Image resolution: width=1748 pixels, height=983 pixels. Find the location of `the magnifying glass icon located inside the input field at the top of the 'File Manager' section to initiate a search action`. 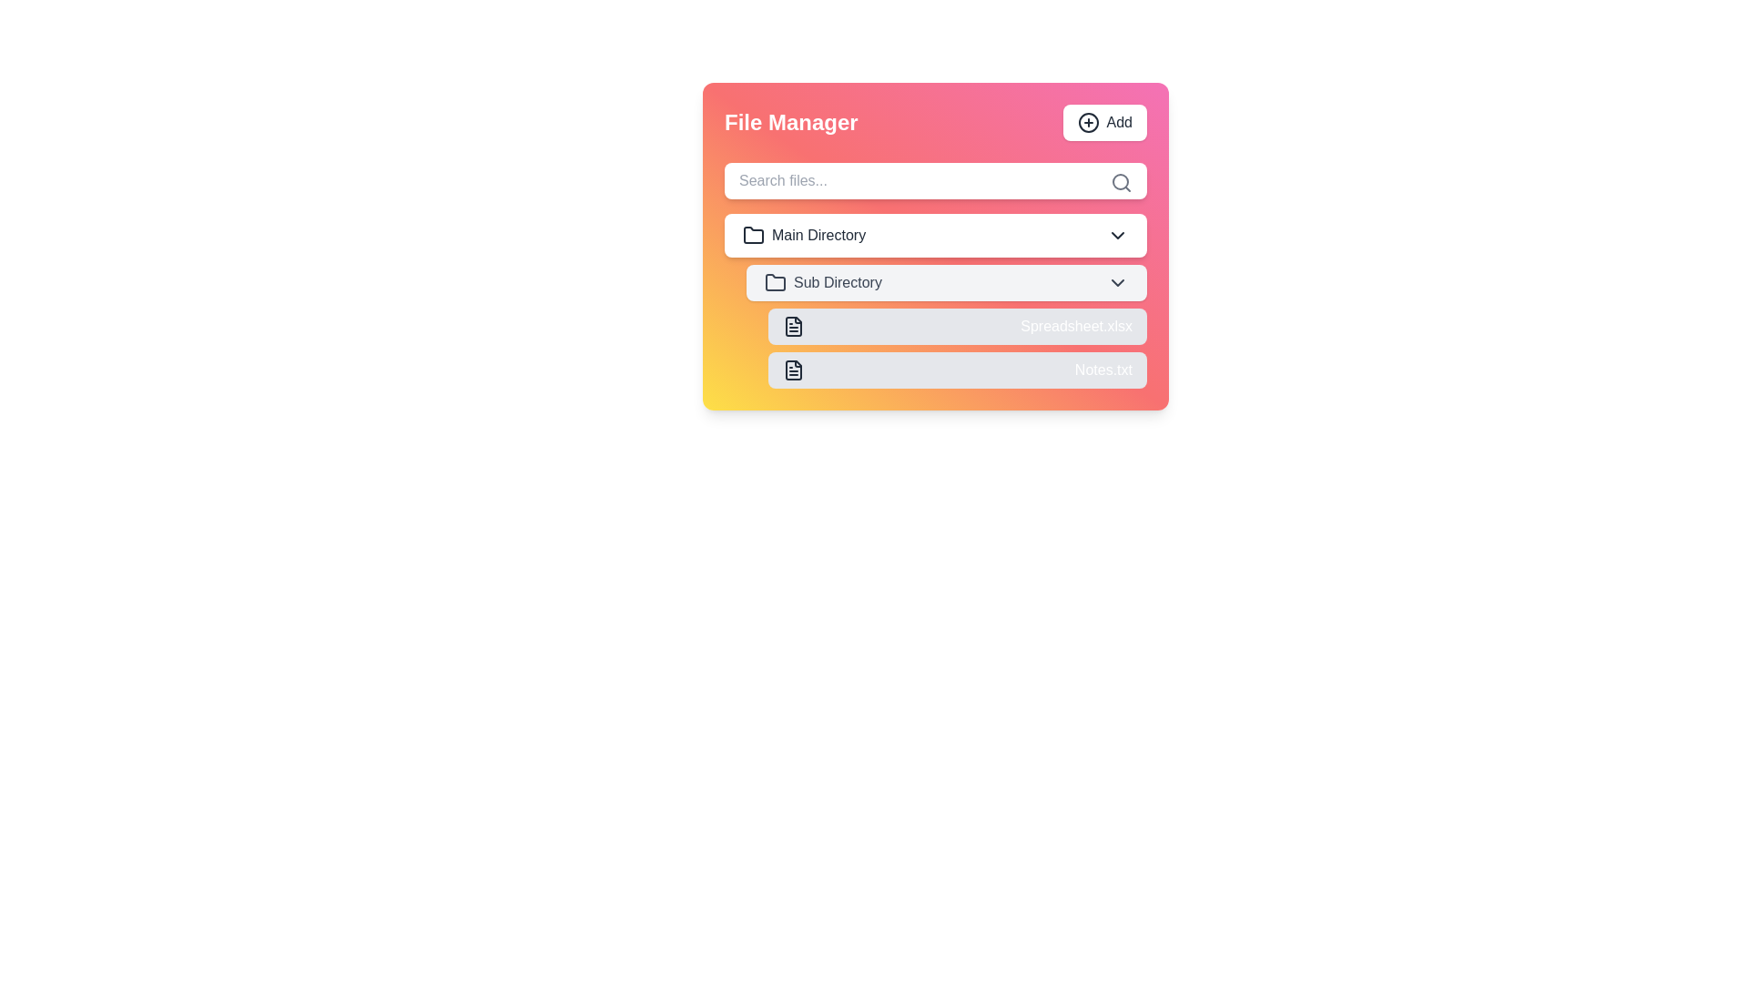

the magnifying glass icon located inside the input field at the top of the 'File Manager' section to initiate a search action is located at coordinates (1121, 182).